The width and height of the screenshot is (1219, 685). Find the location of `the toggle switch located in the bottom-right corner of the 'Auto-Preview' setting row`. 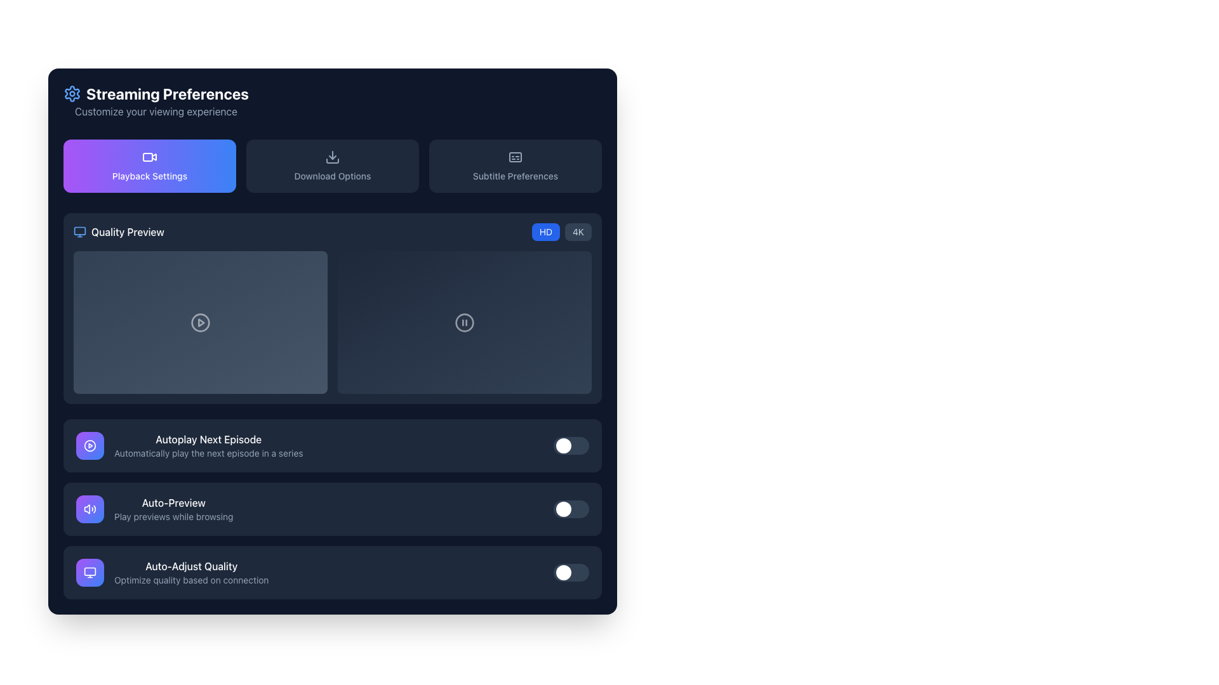

the toggle switch located in the bottom-right corner of the 'Auto-Preview' setting row is located at coordinates (571, 508).